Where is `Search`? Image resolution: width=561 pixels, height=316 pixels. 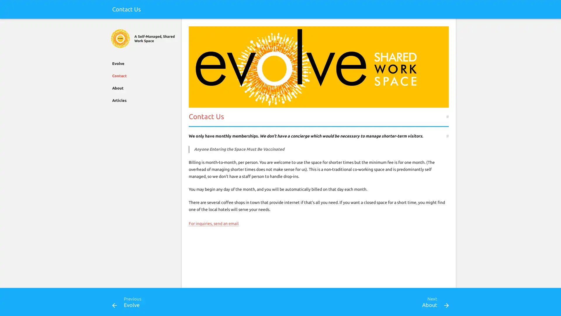 Search is located at coordinates (446, 25).